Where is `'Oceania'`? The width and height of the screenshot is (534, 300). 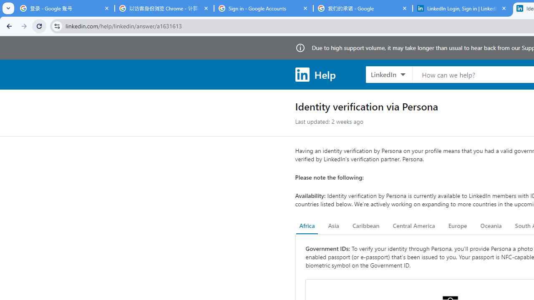
'Oceania' is located at coordinates (491, 226).